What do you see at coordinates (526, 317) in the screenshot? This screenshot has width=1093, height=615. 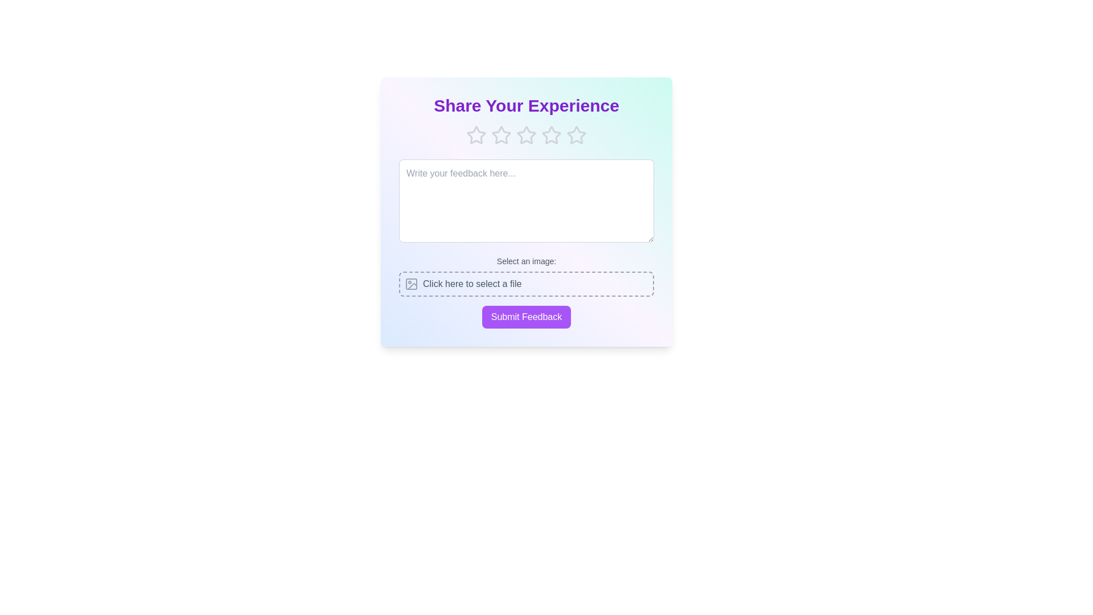 I see `the 'Submit Feedback' button to submit the feedback` at bounding box center [526, 317].